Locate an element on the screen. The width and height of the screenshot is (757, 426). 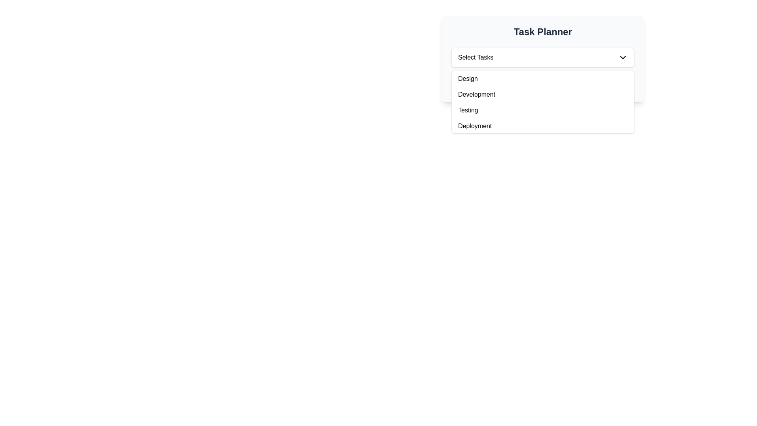
the 'Development' selectable menu option, which is the second item in a dropdown list is located at coordinates (543, 94).